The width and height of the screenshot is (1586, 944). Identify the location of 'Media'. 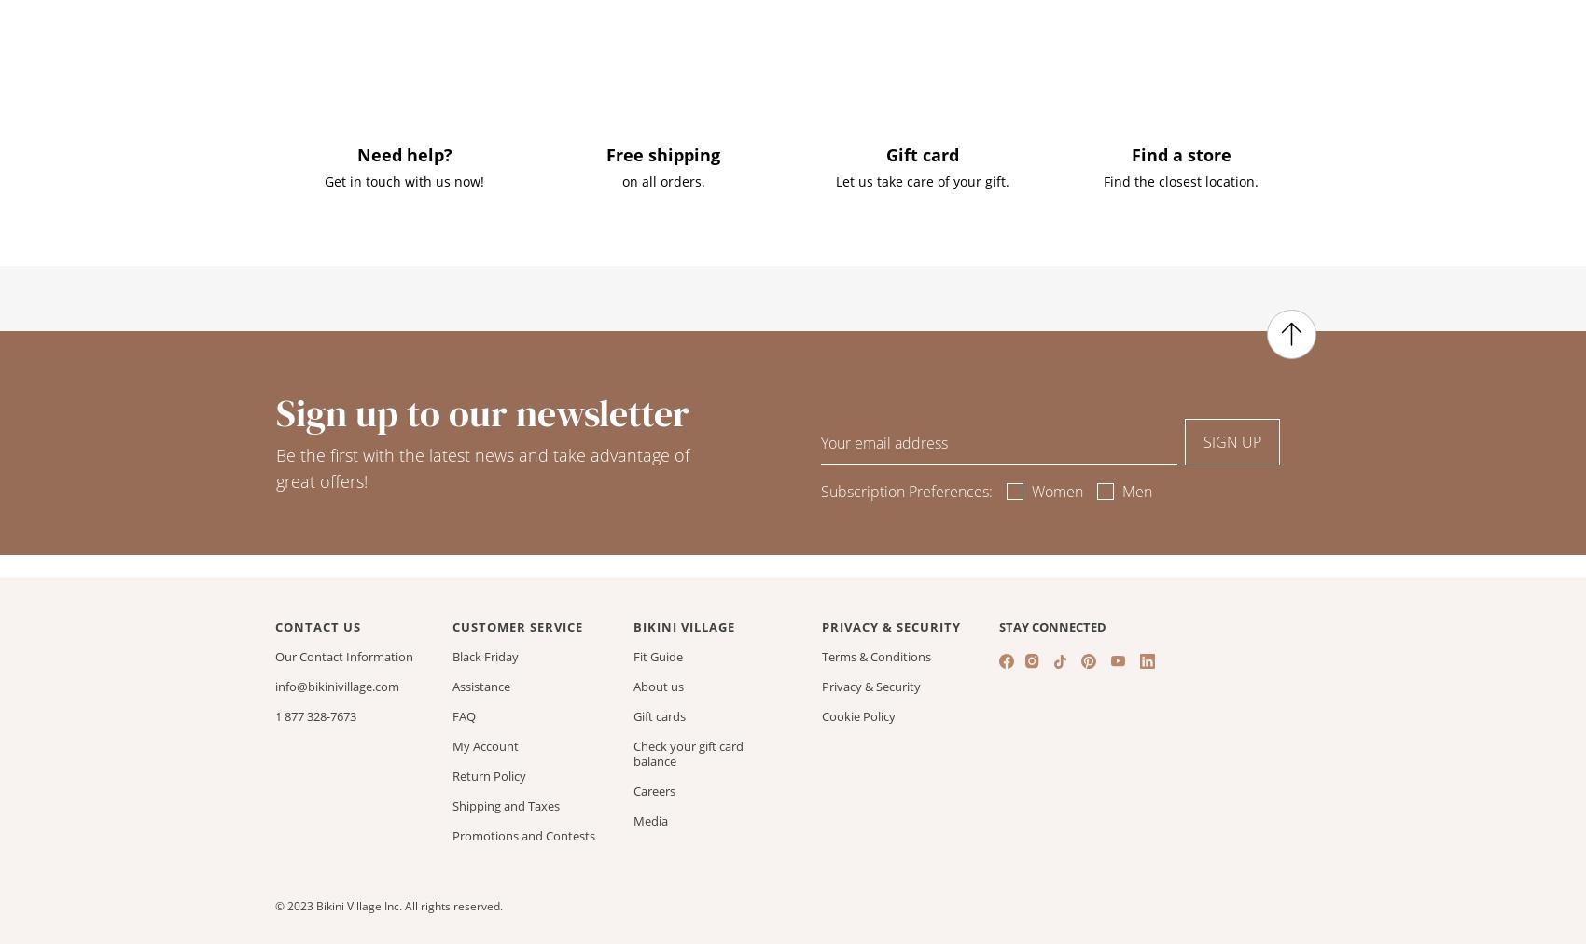
(650, 819).